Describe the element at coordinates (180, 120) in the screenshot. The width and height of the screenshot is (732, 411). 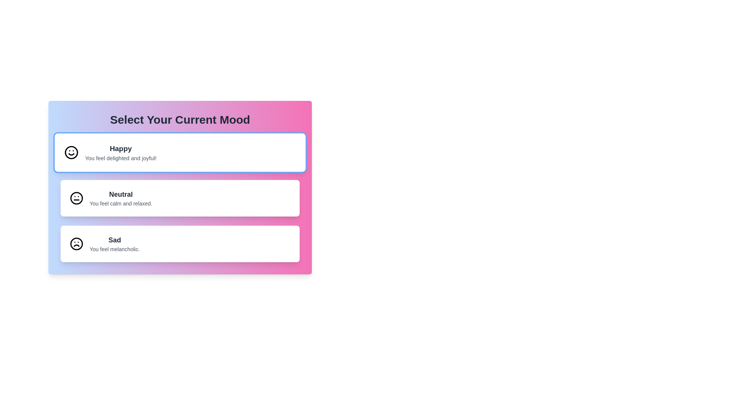
I see `text of the heading element that displays 'Select Your Current Mood', which is styled in bold and large typography in gray, located at the top of its section with a gradient background` at that location.